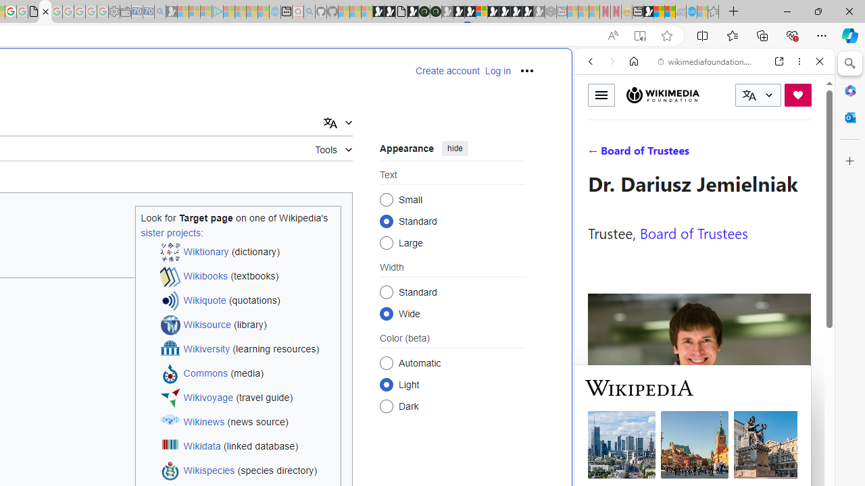 The image size is (865, 486). I want to click on 'Class: i icon icon-translate language-switcher__icon', so click(749, 94).